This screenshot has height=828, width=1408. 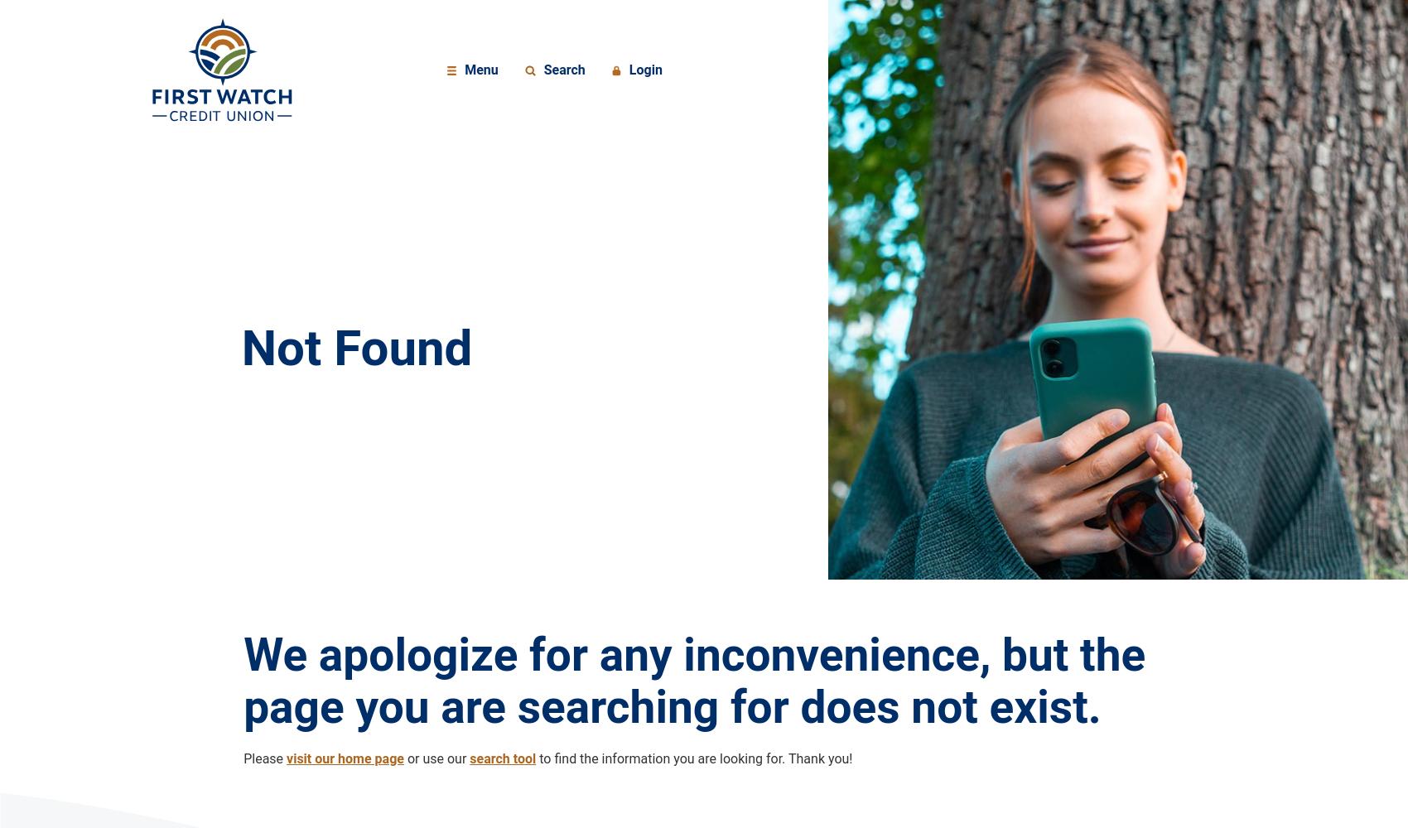 What do you see at coordinates (564, 69) in the screenshot?
I see `'Search'` at bounding box center [564, 69].